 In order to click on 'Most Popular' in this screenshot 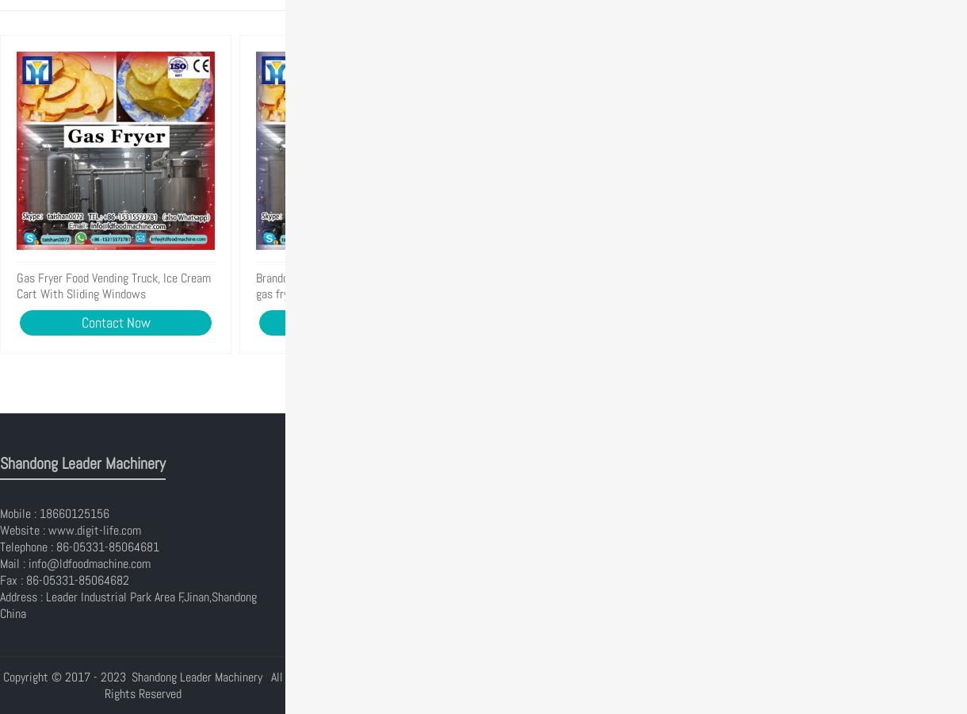, I will do `click(340, 463)`.